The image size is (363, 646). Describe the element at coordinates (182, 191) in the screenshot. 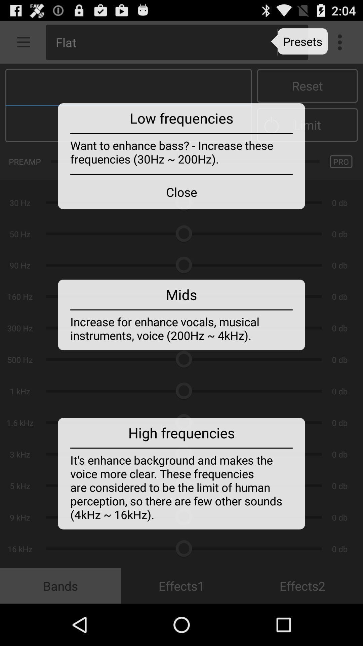

I see `the item above mids item` at that location.